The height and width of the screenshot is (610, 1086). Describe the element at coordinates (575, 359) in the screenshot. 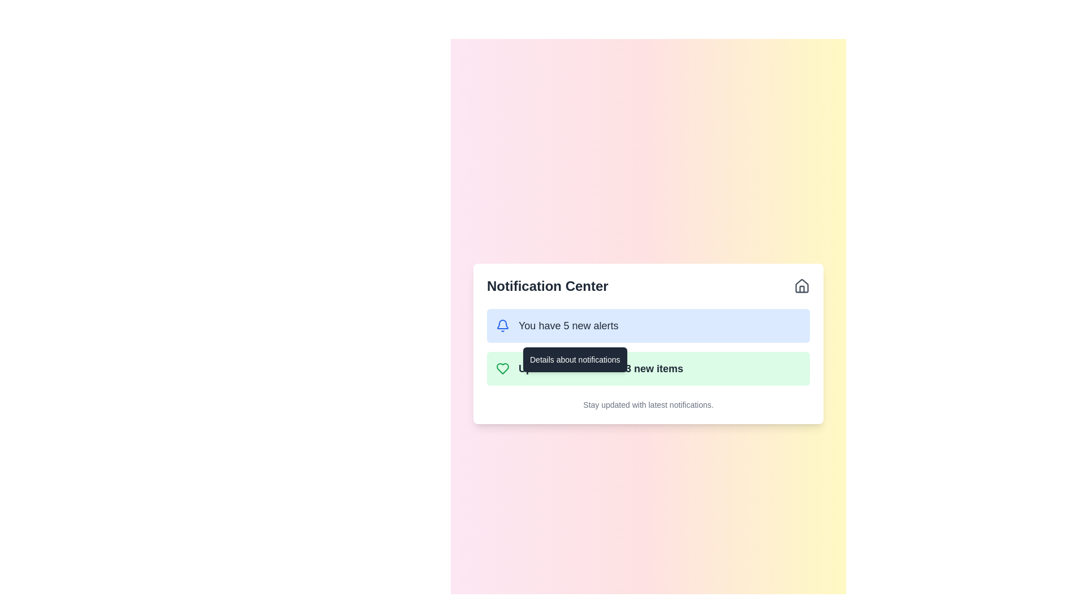

I see `the Tooltip that provides additional information about notifications, specifically stating 'Update on 3 new items'` at that location.